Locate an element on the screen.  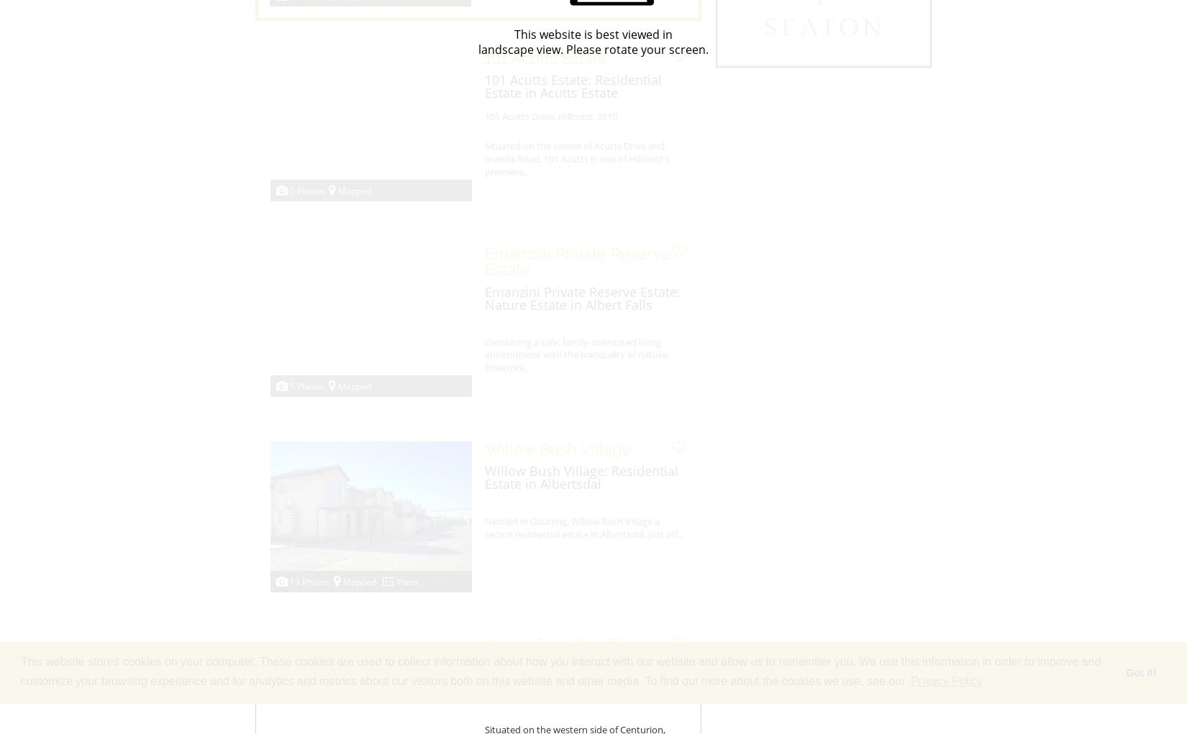
'Plans' is located at coordinates (406, 581).